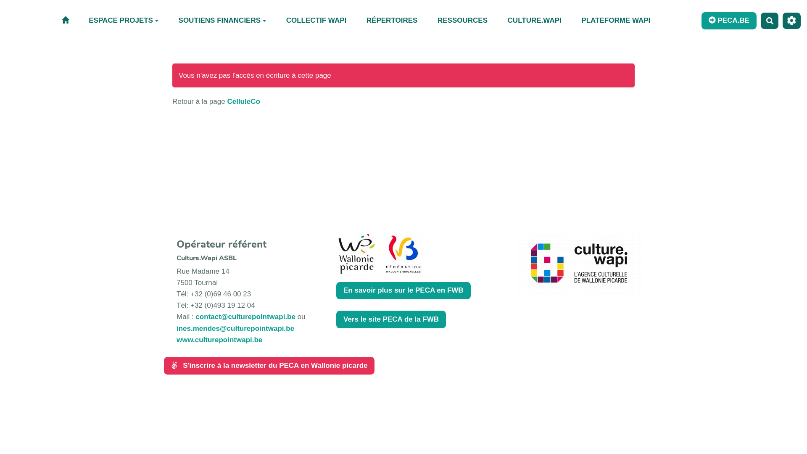 The height and width of the screenshot is (454, 807). Describe the element at coordinates (616, 20) in the screenshot. I see `'PLATEFORME WAPI'` at that location.